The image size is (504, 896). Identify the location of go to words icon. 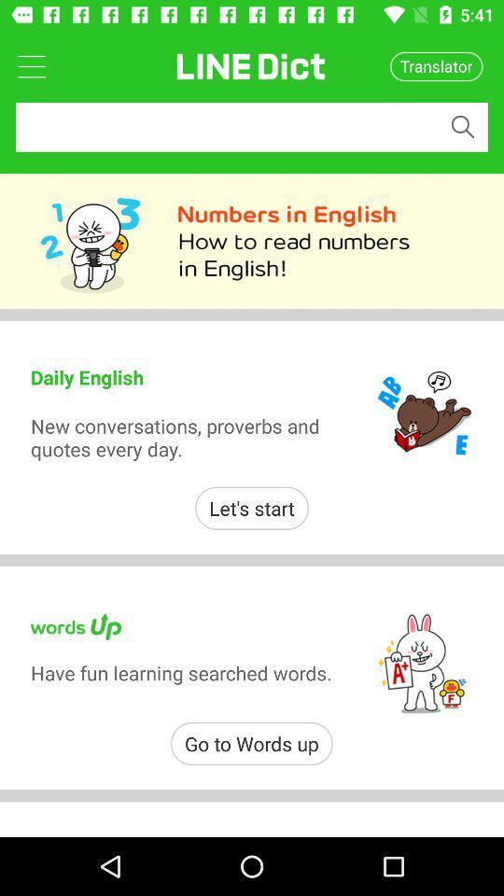
(251, 744).